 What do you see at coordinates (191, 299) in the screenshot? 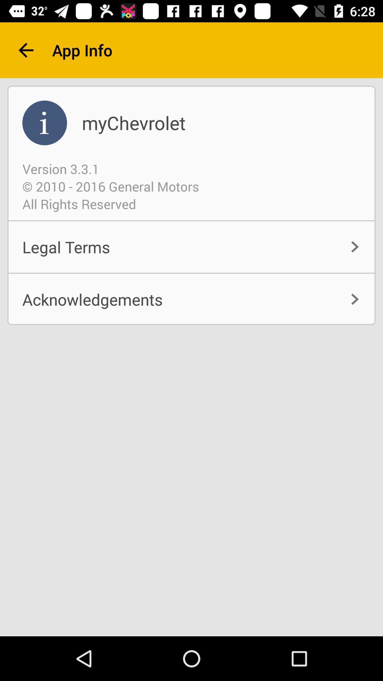
I see `the acknowledgements icon` at bounding box center [191, 299].